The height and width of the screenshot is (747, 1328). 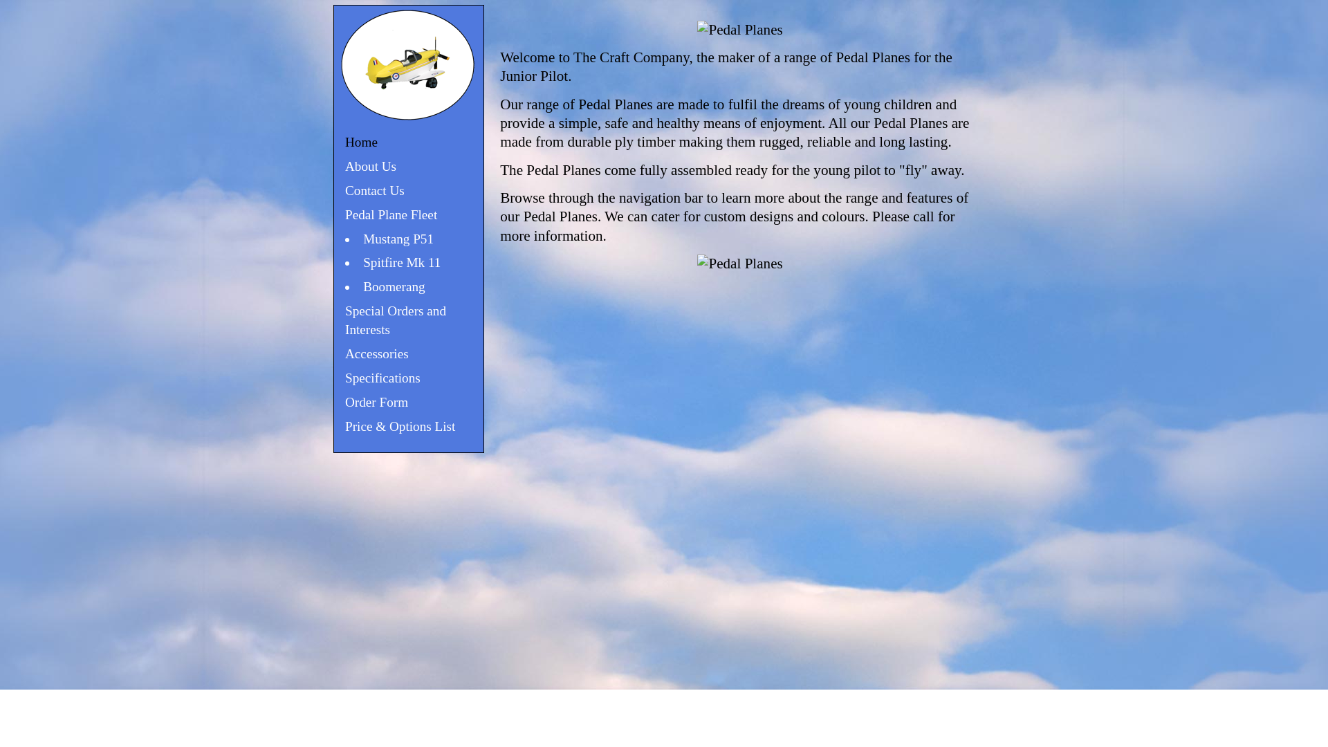 What do you see at coordinates (394, 286) in the screenshot?
I see `'Boomerang'` at bounding box center [394, 286].